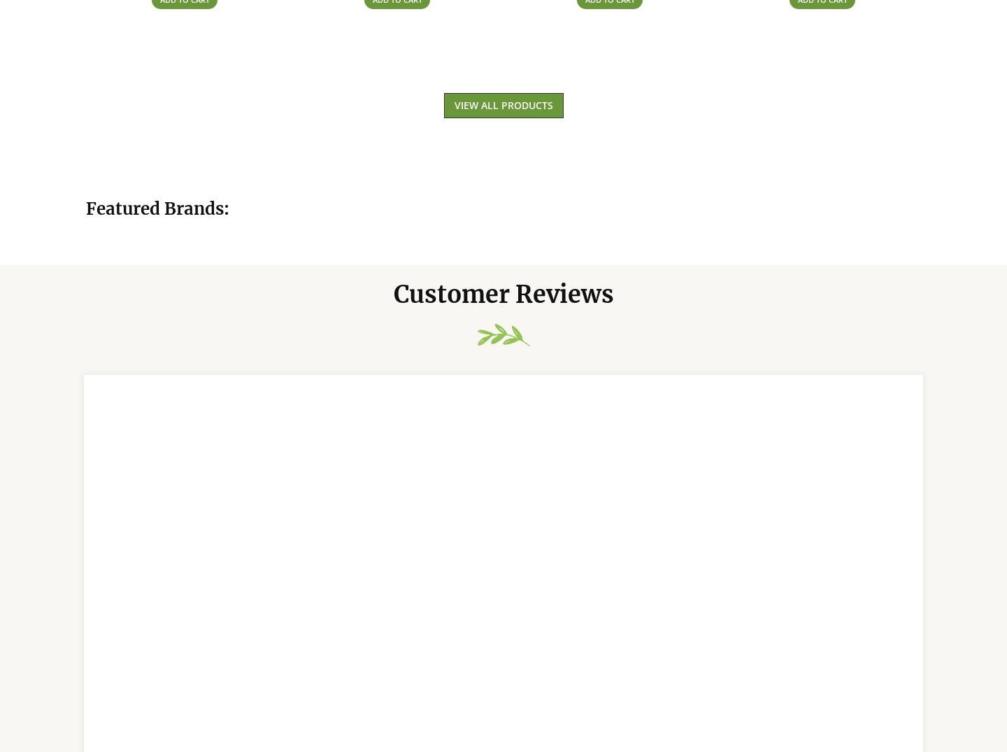 Image resolution: width=1007 pixels, height=752 pixels. I want to click on '“Just want to issue a quick compliment to your company for the quality products you produce, the efficient way orders are completed, and the speedy delivery I receive from your couriers. Keep up the good work!”', so click(497, 568).